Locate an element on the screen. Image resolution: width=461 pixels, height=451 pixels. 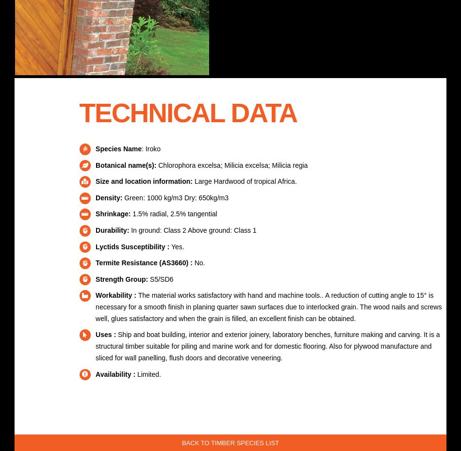
': Iroko' is located at coordinates (150, 148).